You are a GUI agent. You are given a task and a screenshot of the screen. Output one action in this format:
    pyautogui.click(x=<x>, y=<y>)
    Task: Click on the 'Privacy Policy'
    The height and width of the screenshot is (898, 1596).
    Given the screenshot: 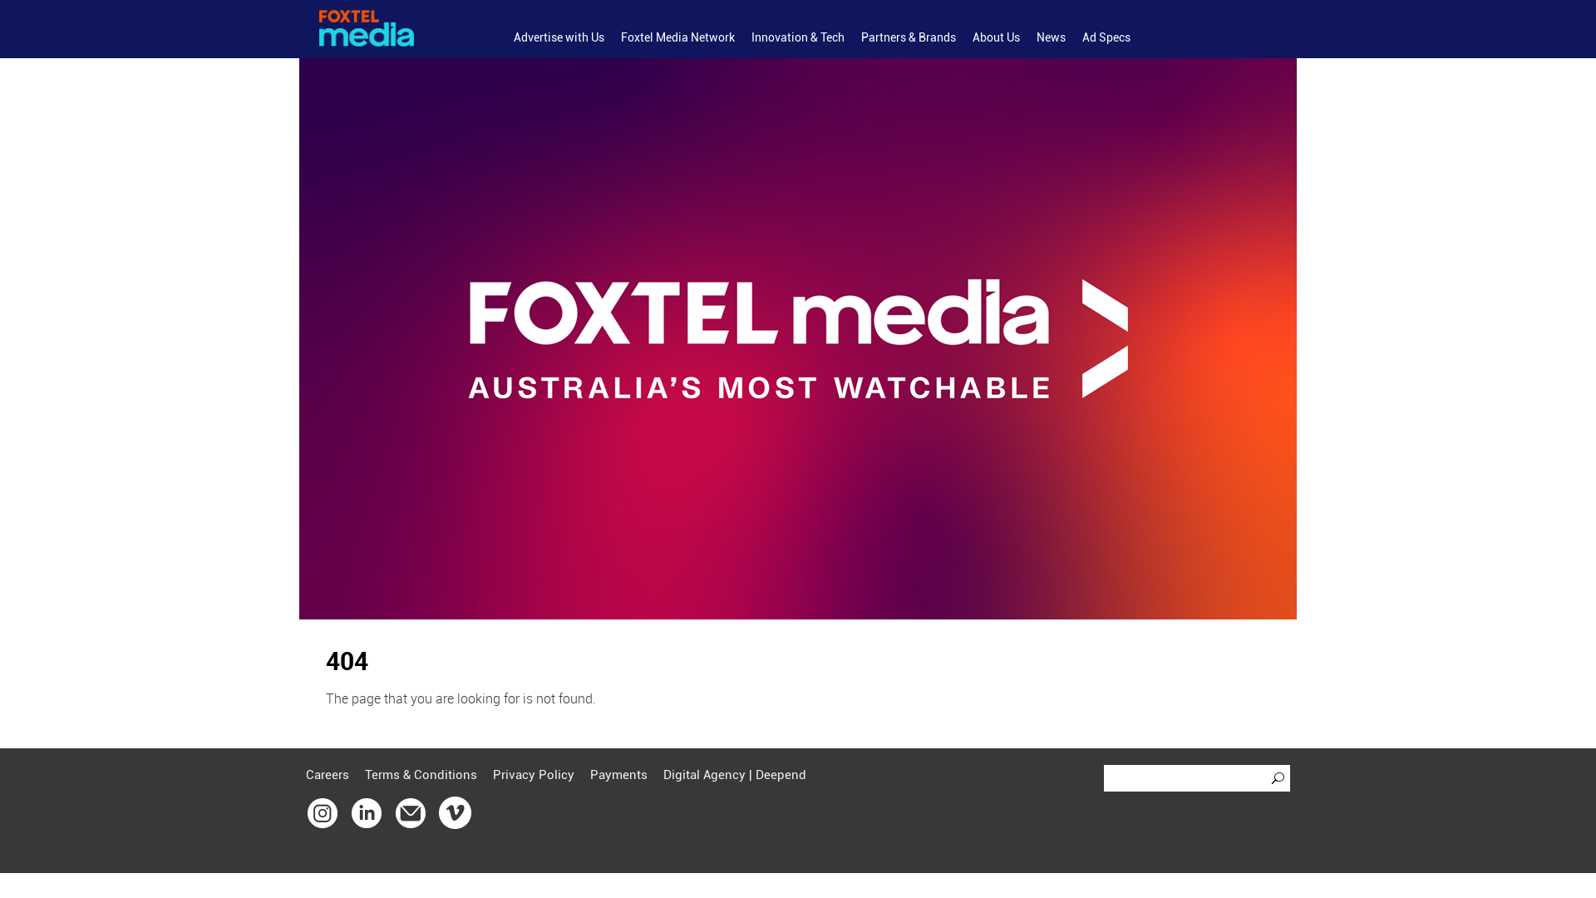 What is the action you would take?
    pyautogui.click(x=534, y=775)
    